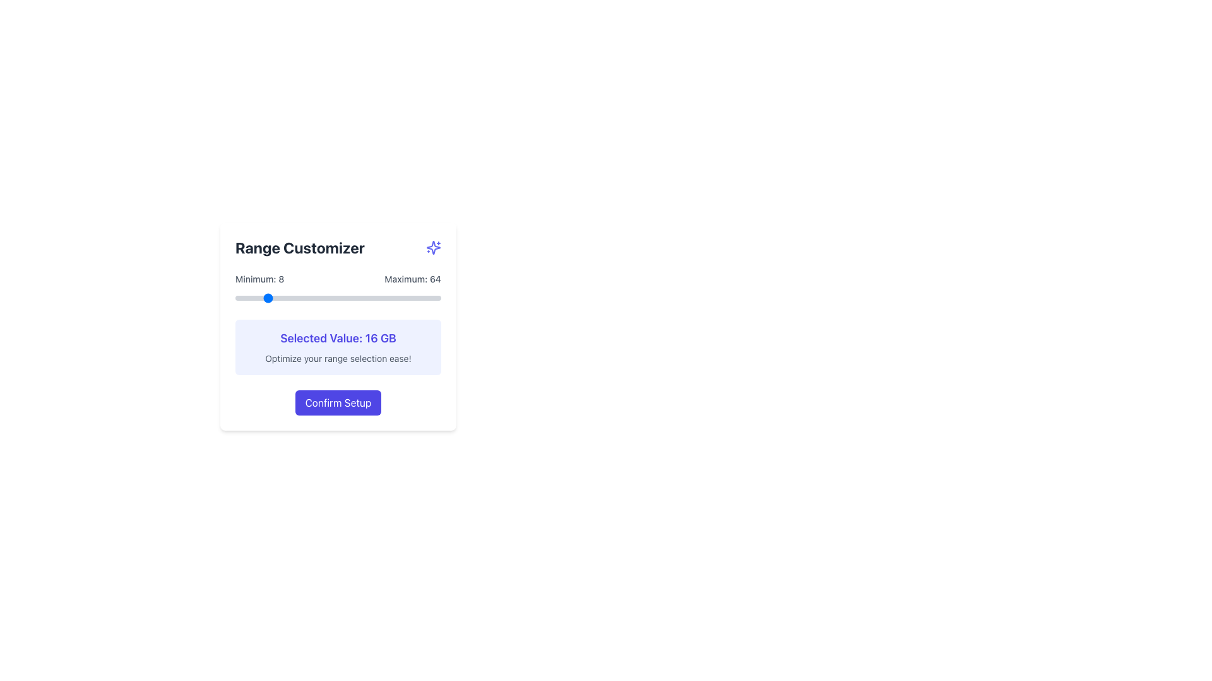  I want to click on the range slider labeled 'Minimum: 8' and 'Maximum: 64' to read additional tooltip information if available, so click(338, 289).